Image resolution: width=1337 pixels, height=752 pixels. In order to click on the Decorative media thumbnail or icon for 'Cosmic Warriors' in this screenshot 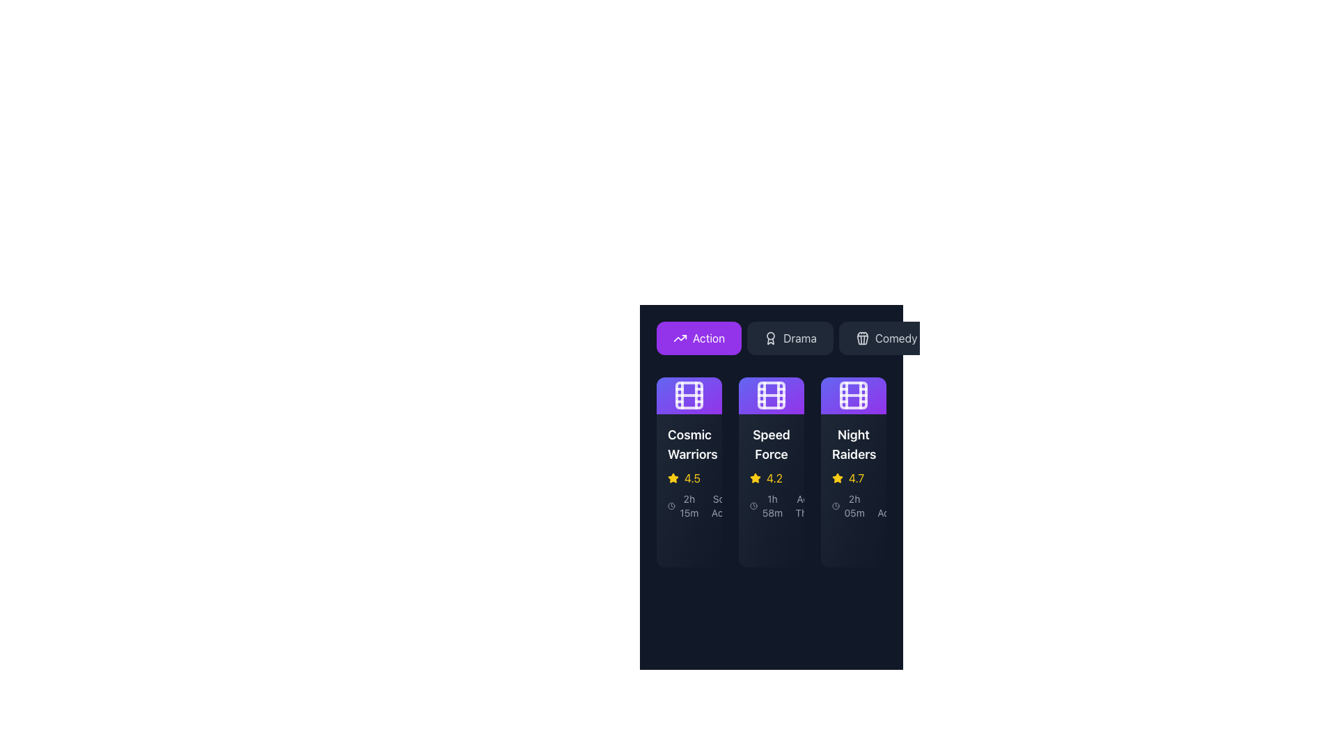, I will do `click(689, 395)`.